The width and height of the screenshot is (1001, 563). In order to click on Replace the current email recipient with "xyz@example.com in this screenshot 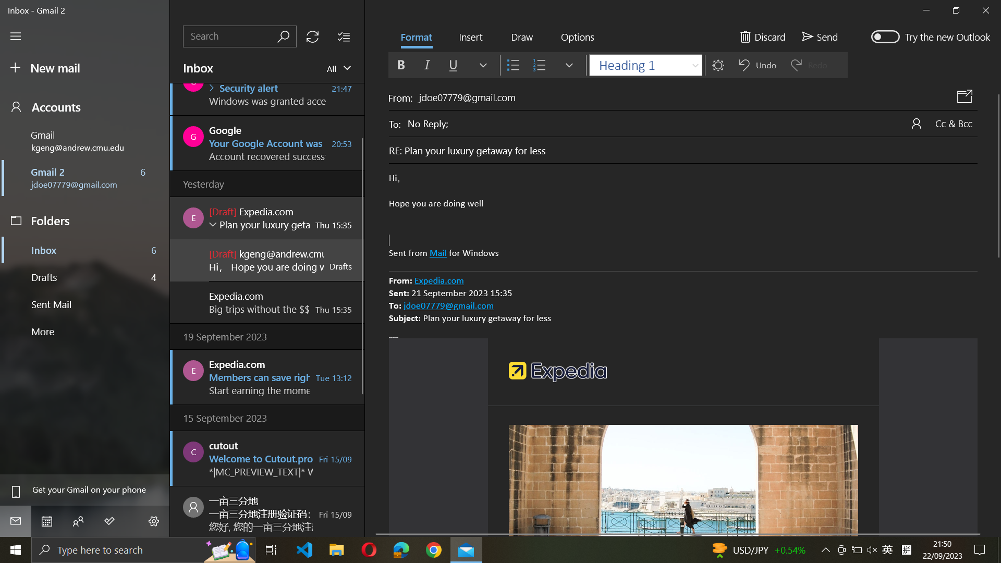, I will do `click(692, 122)`.